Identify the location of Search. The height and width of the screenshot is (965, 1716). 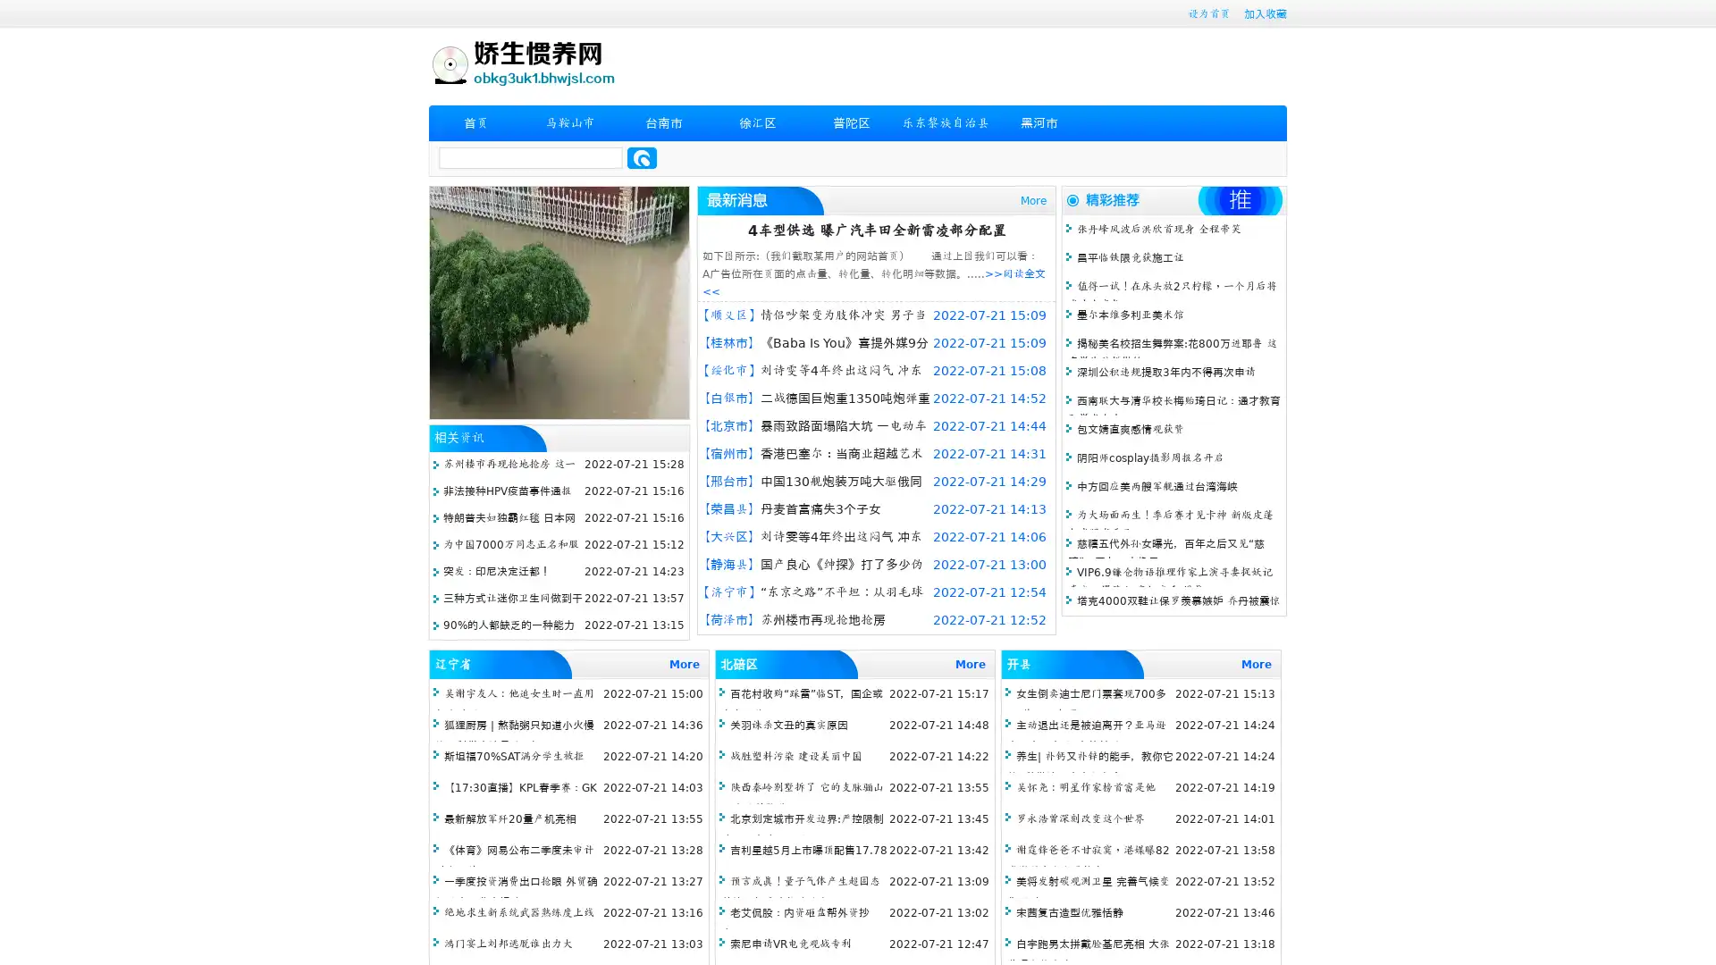
(642, 157).